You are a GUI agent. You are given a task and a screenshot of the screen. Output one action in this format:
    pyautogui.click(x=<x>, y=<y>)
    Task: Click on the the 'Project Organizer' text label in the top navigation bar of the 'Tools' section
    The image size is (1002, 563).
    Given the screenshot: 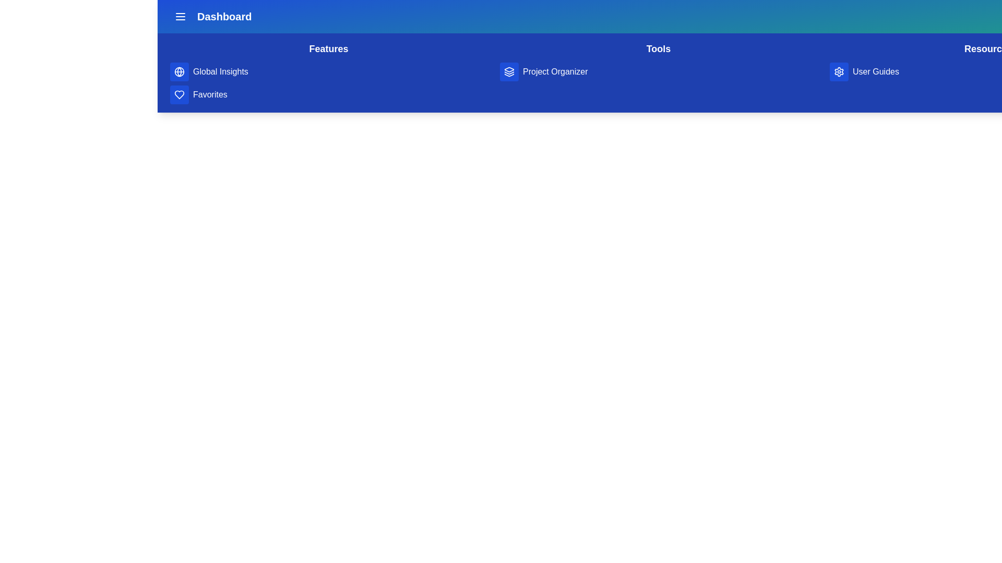 What is the action you would take?
    pyautogui.click(x=555, y=71)
    